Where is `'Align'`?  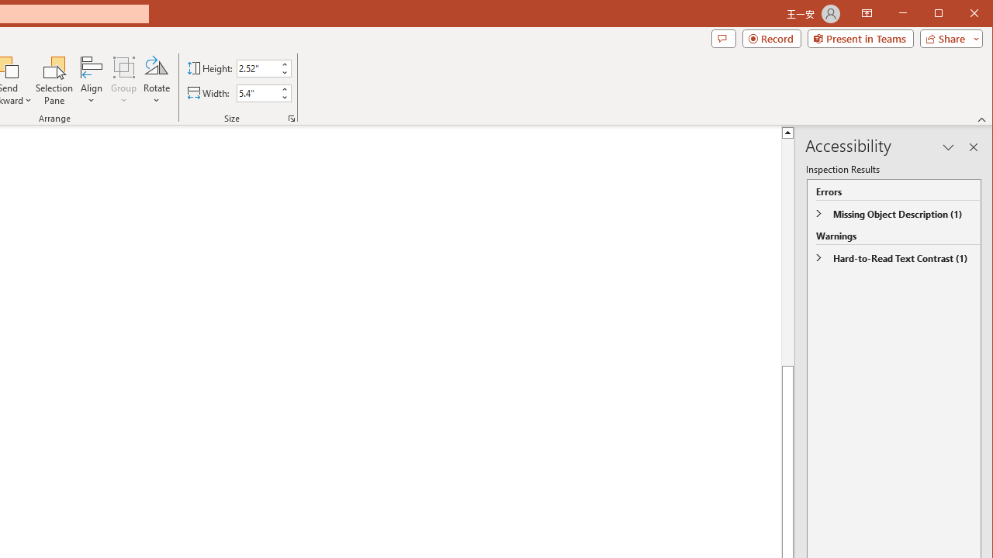
'Align' is located at coordinates (91, 81).